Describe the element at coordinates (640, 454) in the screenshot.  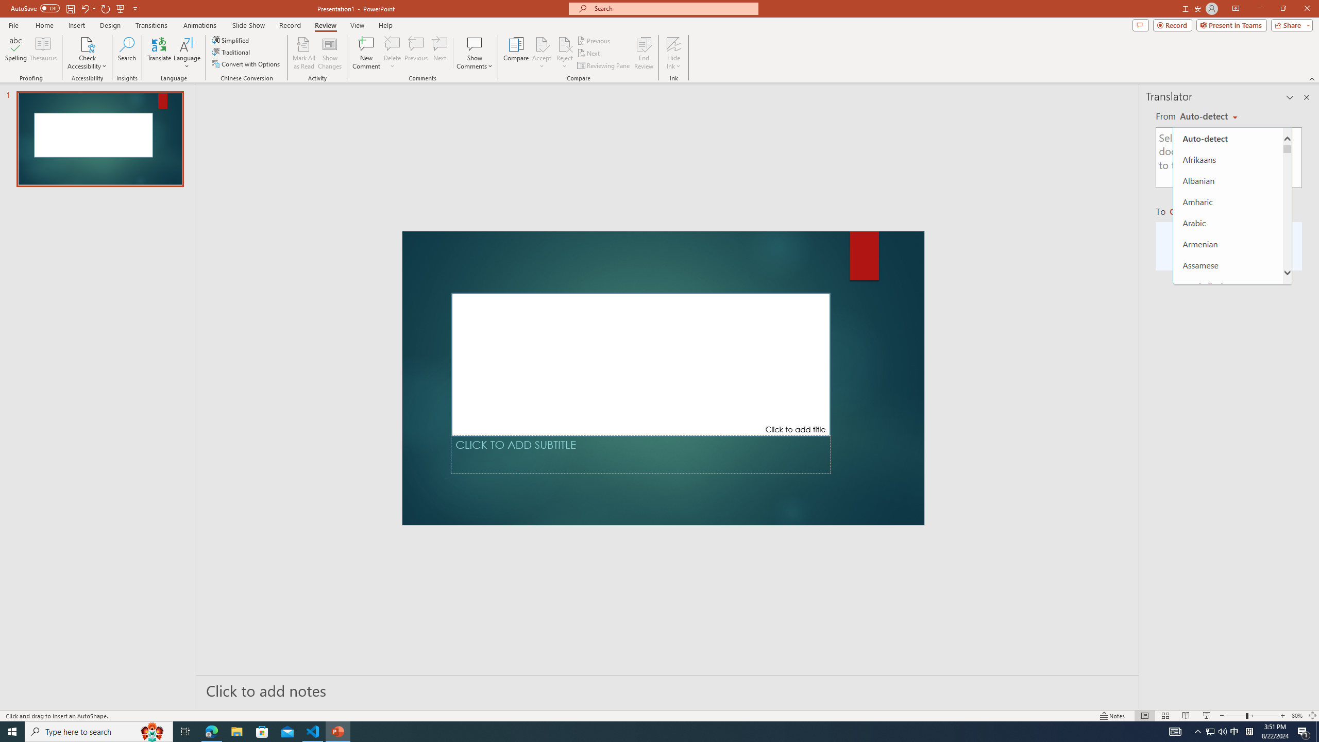
I see `'Subtitle TextBox'` at that location.